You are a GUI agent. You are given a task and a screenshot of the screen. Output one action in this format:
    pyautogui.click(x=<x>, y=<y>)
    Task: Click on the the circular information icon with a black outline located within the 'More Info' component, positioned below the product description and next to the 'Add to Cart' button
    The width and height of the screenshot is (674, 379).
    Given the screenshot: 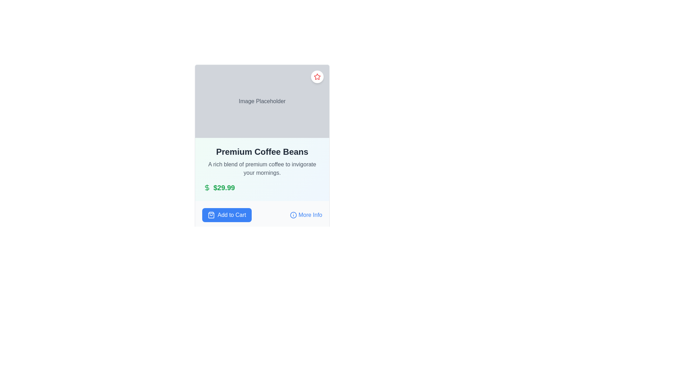 What is the action you would take?
    pyautogui.click(x=293, y=215)
    